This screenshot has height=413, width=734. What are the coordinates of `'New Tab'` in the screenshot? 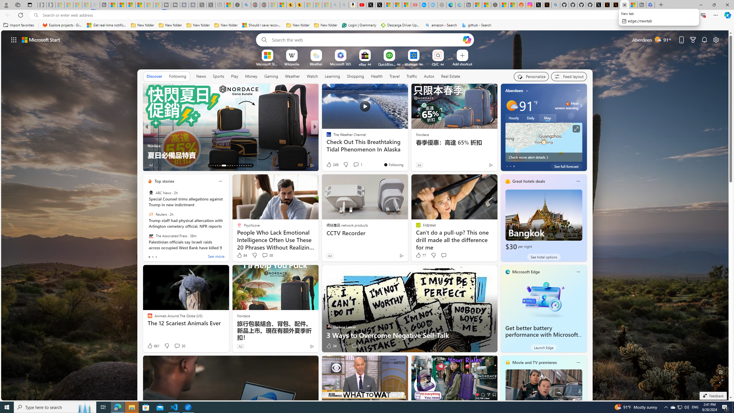 It's located at (661, 5).